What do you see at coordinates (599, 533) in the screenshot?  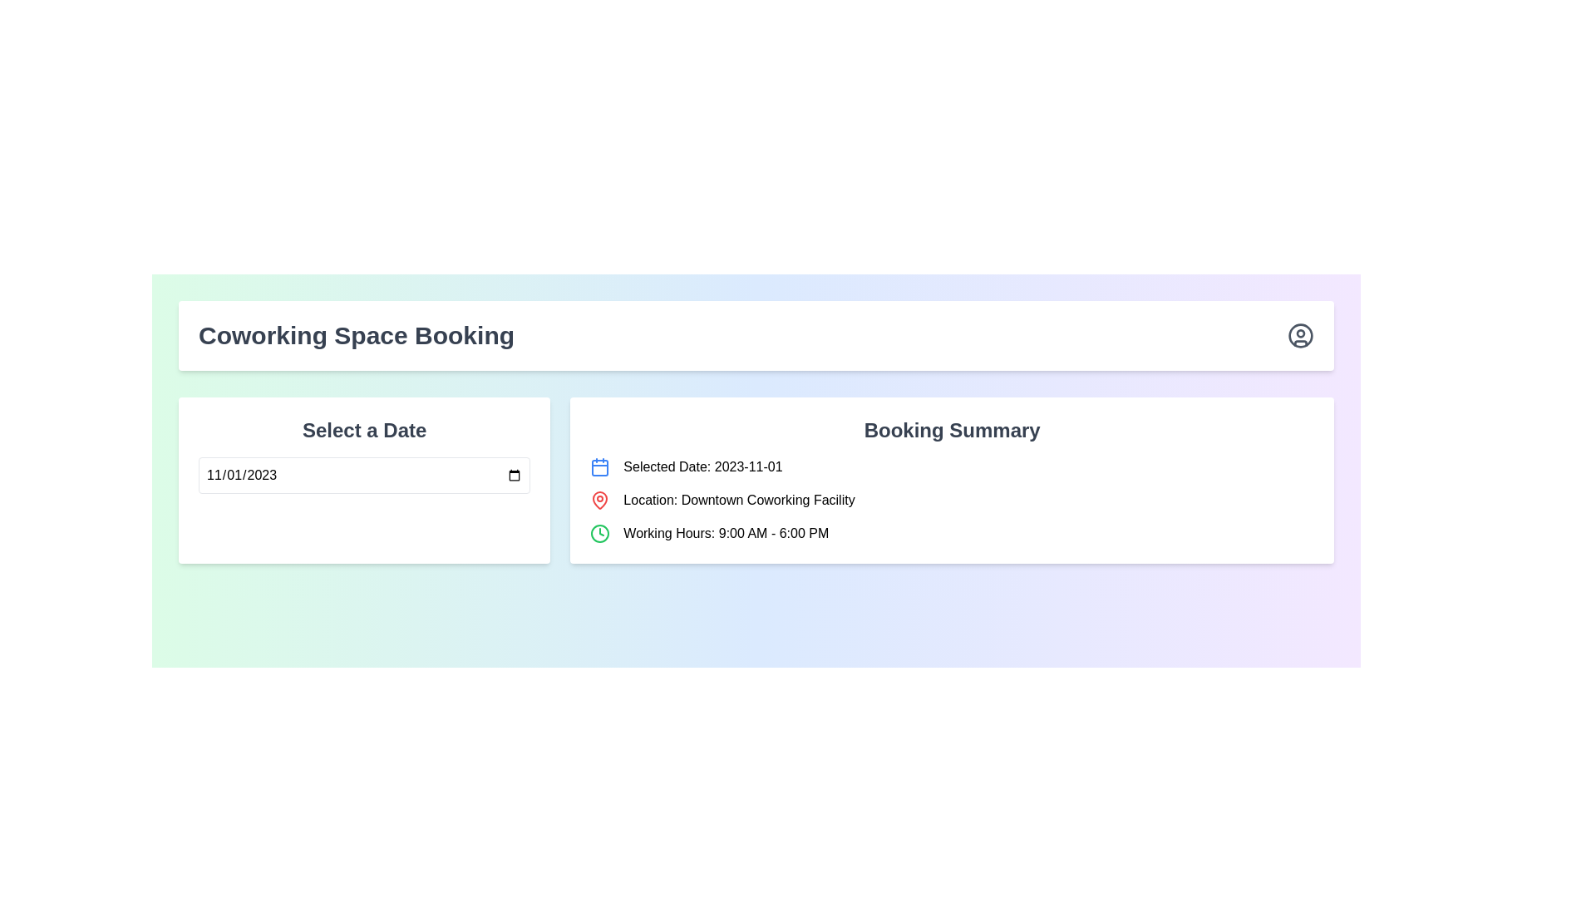 I see `the Decorative SVG circle located inside the clock icon next to the 'Working Hours' text in the 'Booking Summary' section` at bounding box center [599, 533].